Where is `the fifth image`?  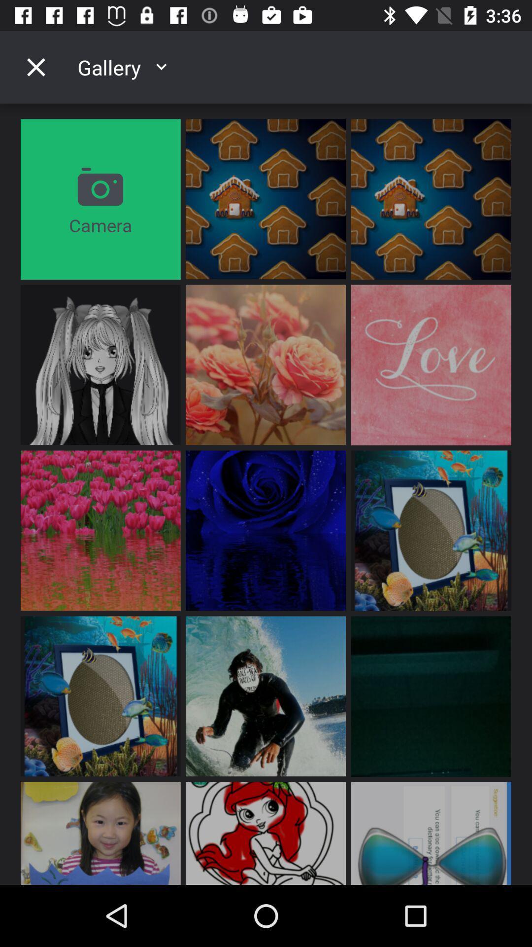 the fifth image is located at coordinates (265, 364).